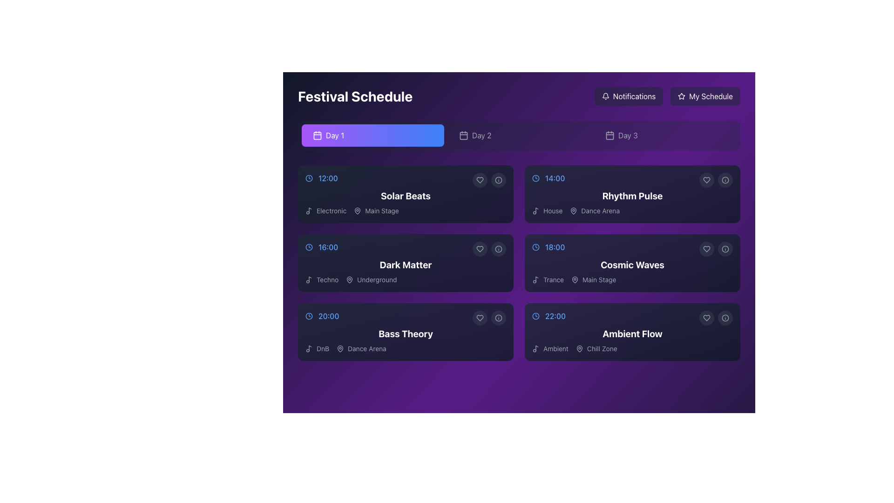  I want to click on the text label displaying 'Bass Theory', so click(406, 333).